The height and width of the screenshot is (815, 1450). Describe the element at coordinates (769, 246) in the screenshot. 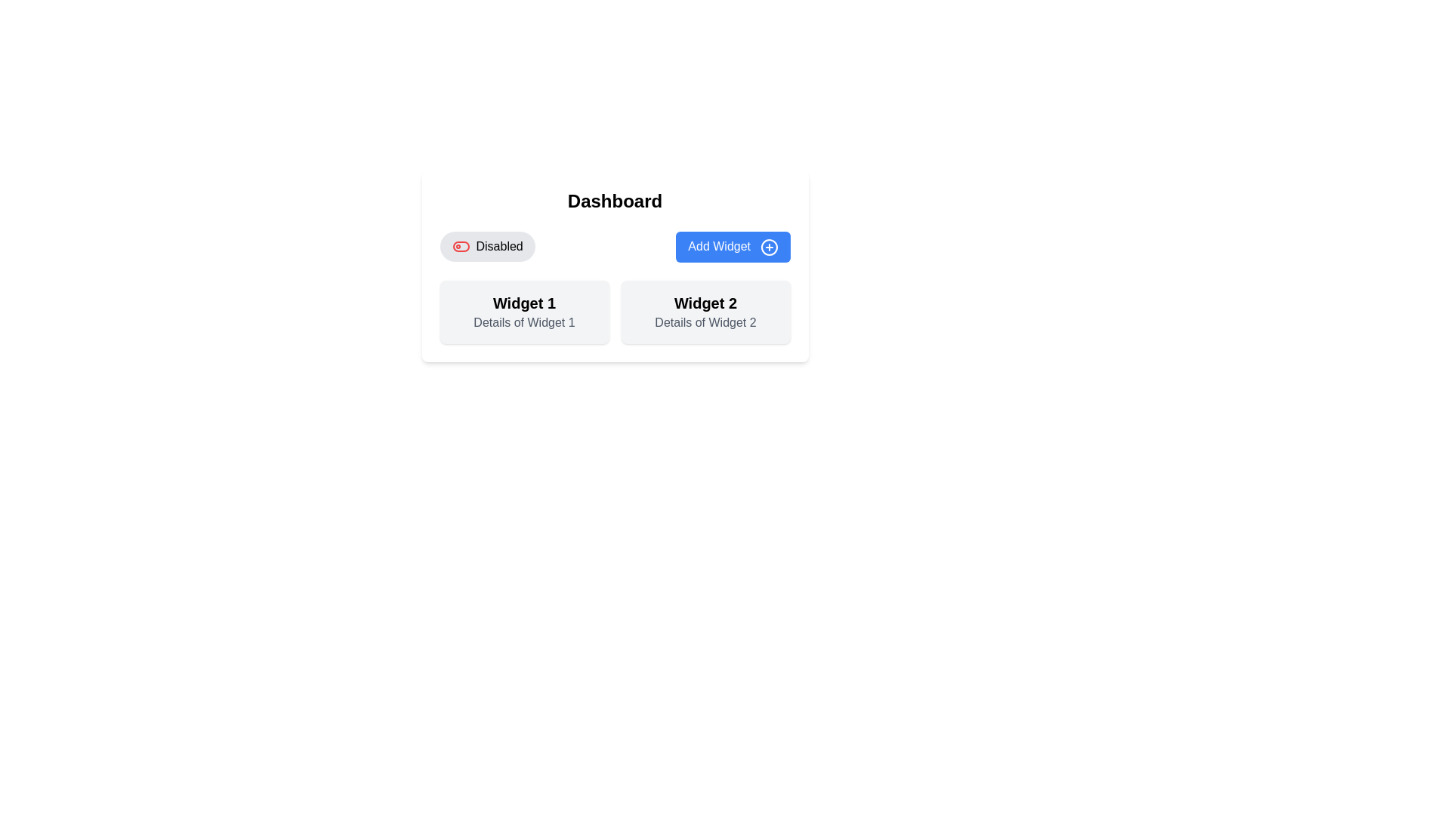

I see `the decorative icon located to the right of the 'Add Widget' button` at that location.